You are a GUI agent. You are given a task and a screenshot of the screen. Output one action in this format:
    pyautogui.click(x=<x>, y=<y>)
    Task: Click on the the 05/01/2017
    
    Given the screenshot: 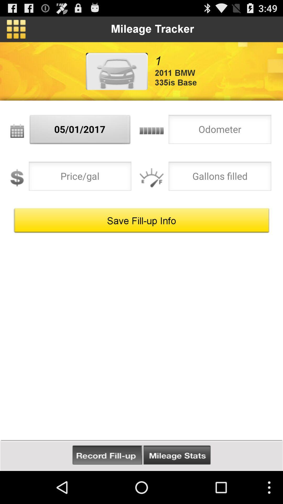 What is the action you would take?
    pyautogui.click(x=80, y=131)
    